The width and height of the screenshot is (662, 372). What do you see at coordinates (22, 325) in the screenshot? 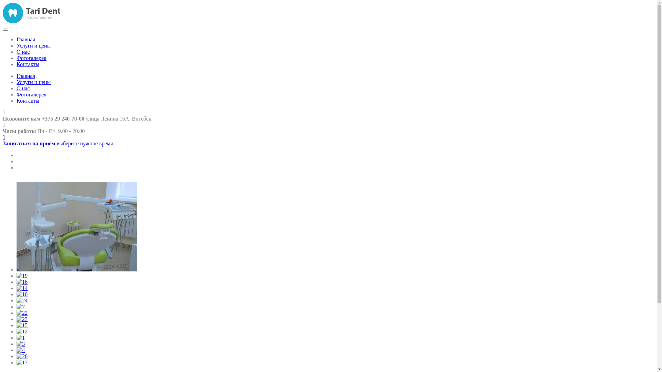
I see `'15'` at bounding box center [22, 325].